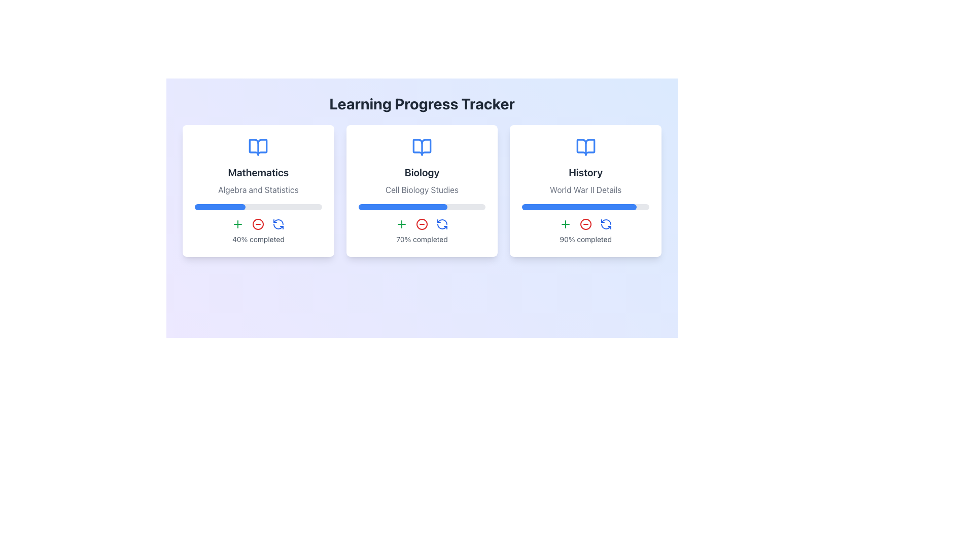 The image size is (974, 547). Describe the element at coordinates (422, 206) in the screenshot. I see `the horizontal progress bar within the 'Biology' card, which visually indicates 70% completion of 'Cell Biology Studies'` at that location.